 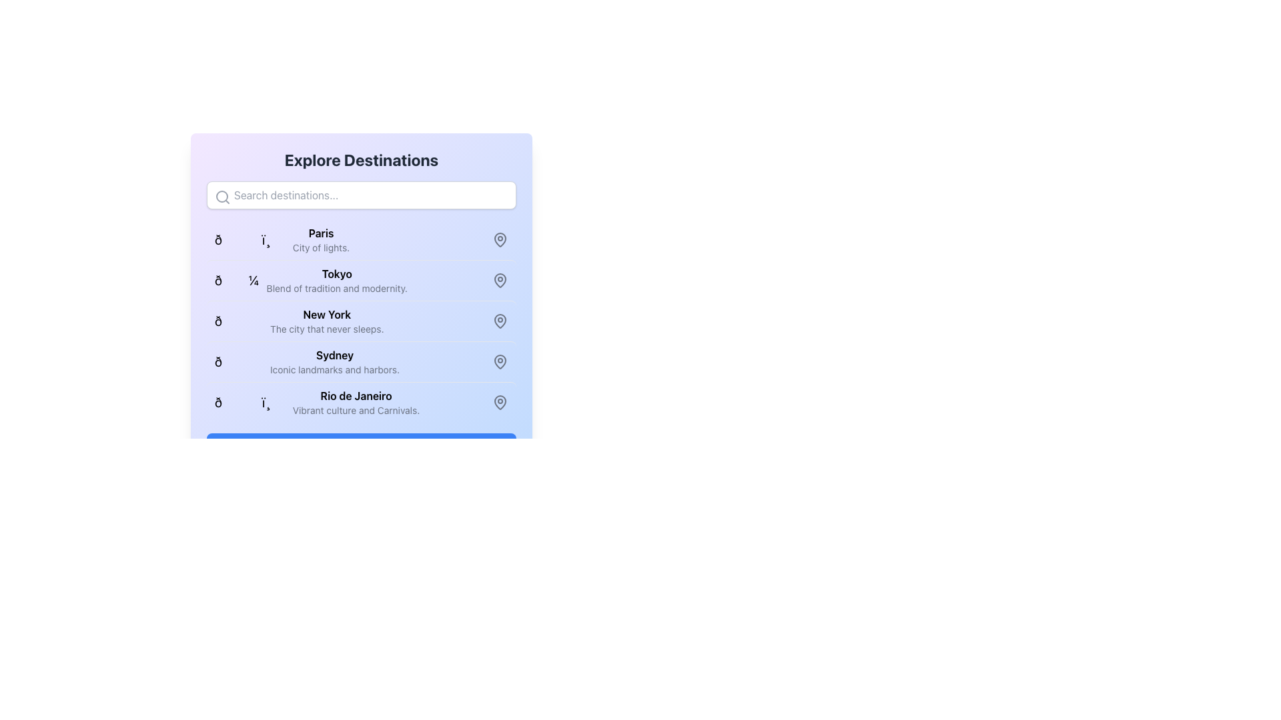 What do you see at coordinates (356, 410) in the screenshot?
I see `the static text label providing additional context about 'Rio de Janeiro', which is positioned below the heading of the same name` at bounding box center [356, 410].